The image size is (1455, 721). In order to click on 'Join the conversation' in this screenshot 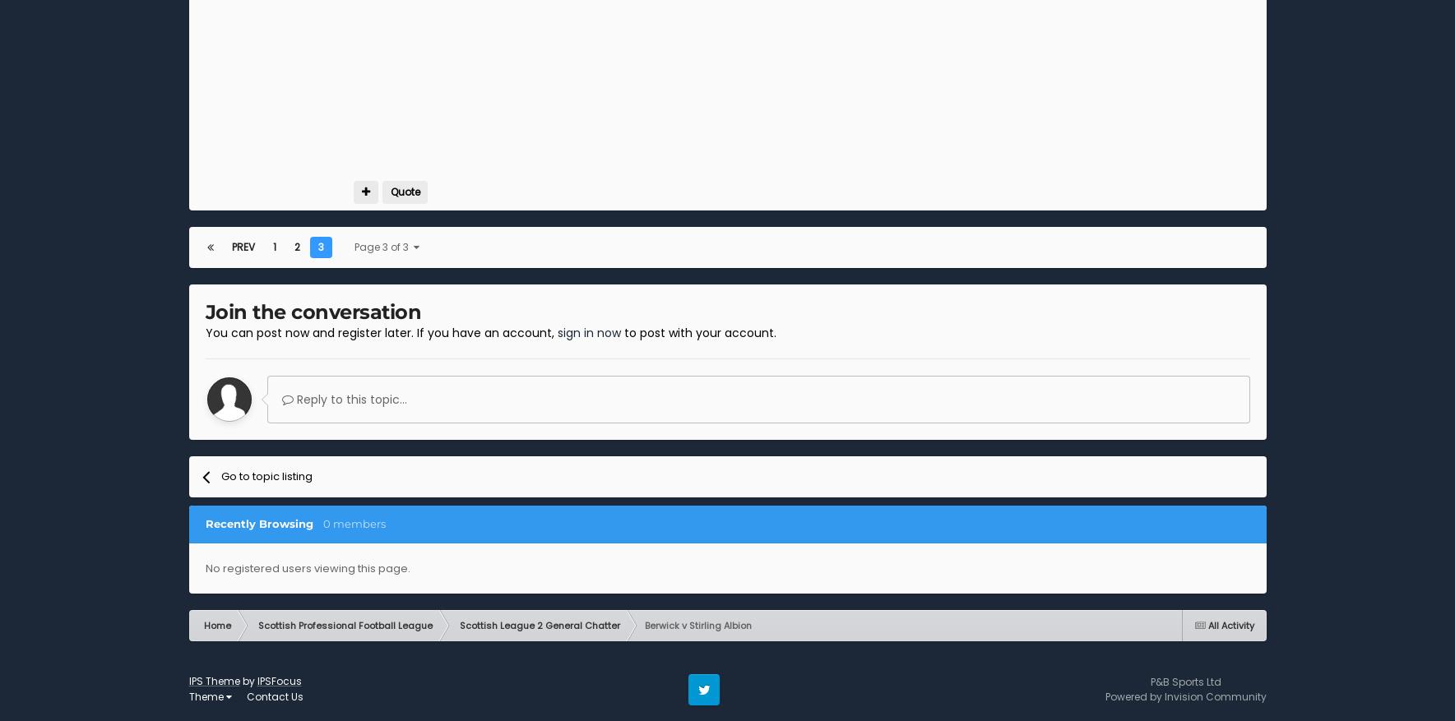, I will do `click(205, 311)`.